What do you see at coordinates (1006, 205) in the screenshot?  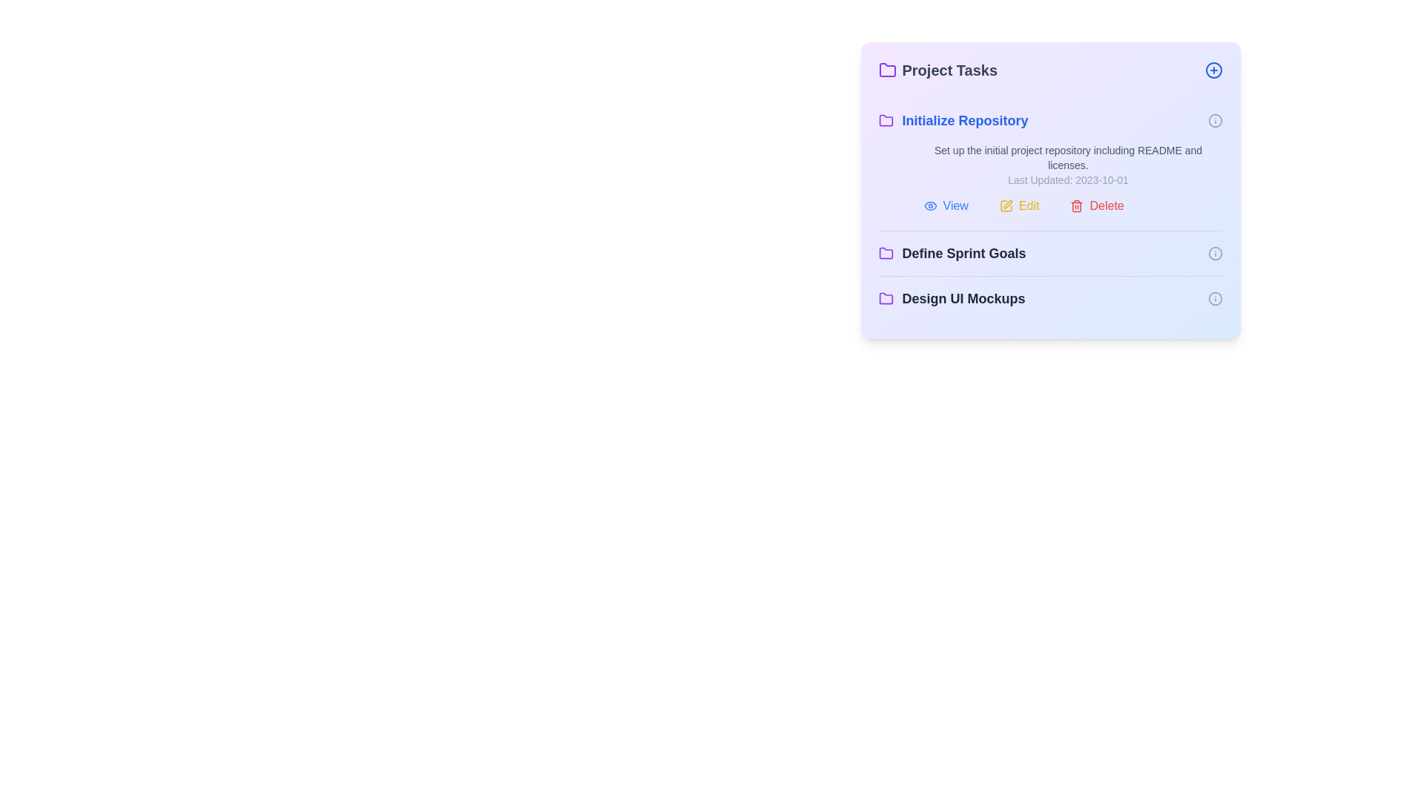 I see `the edit icon located to the left of the text 'Edit' to initiate the editing mode` at bounding box center [1006, 205].